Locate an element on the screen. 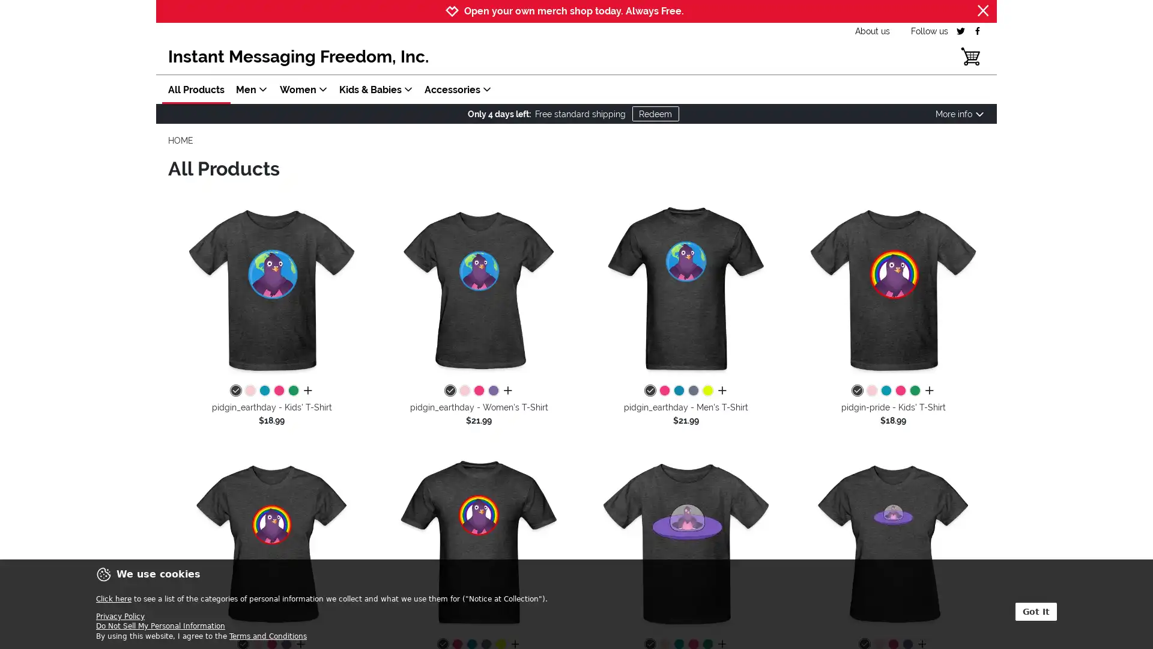 Image resolution: width=1153 pixels, height=649 pixels. pidgin_earthday - Women's T-Shirt is located at coordinates (478, 290).